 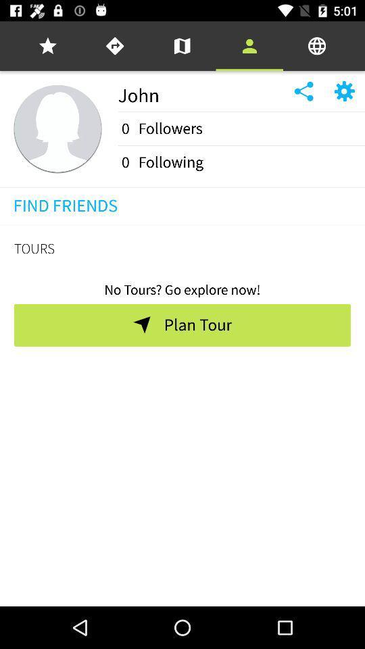 I want to click on find friends item, so click(x=64, y=206).